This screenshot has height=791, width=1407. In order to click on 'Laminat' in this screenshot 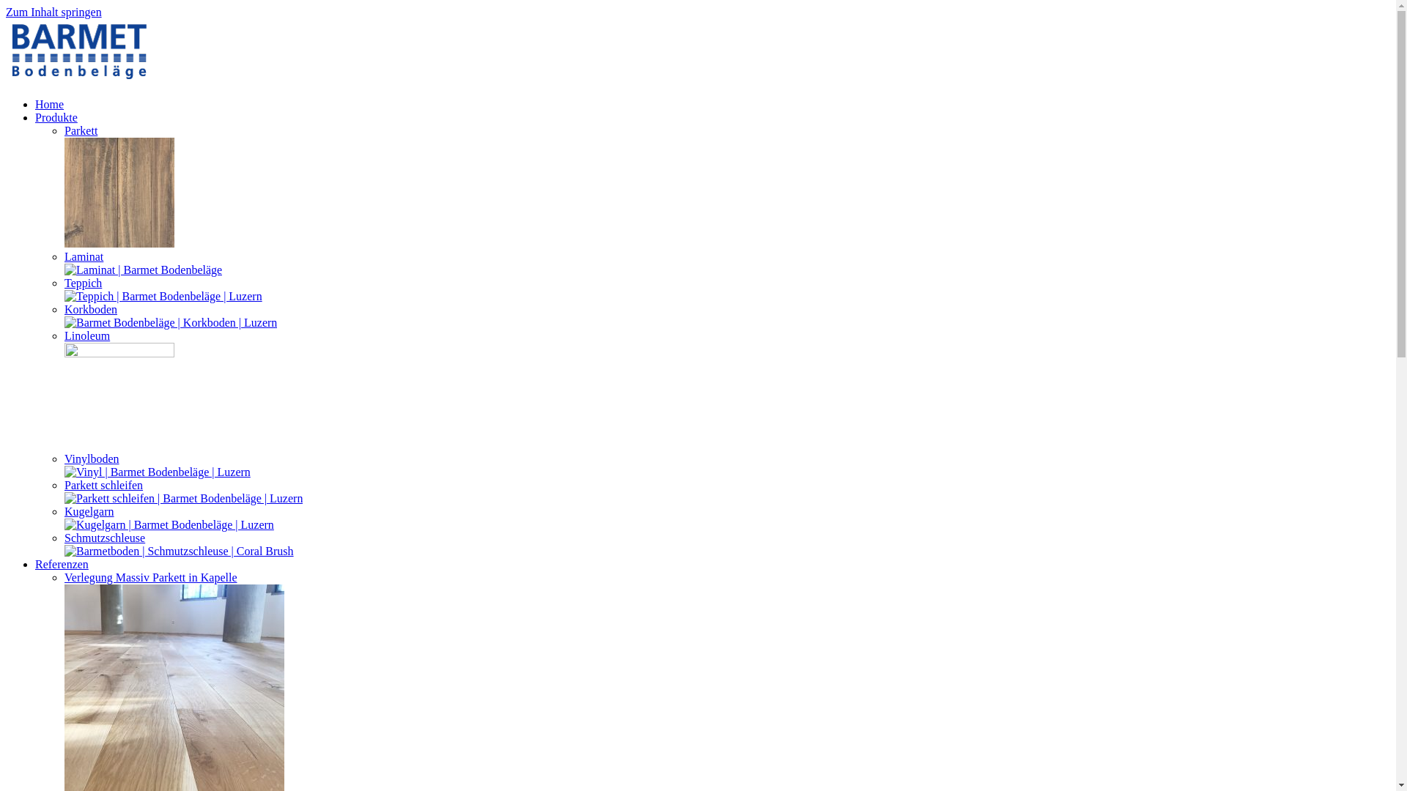, I will do `click(83, 256)`.